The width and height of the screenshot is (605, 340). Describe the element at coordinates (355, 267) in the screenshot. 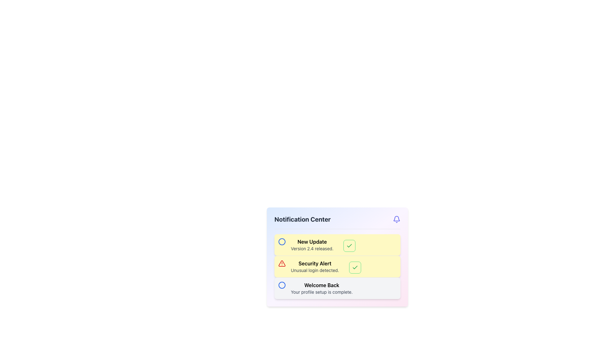

I see `the confirmation button located in the bottom-right corner of the yellow-highlighted 'Security Alert' notification to mark the notification as acknowledged` at that location.